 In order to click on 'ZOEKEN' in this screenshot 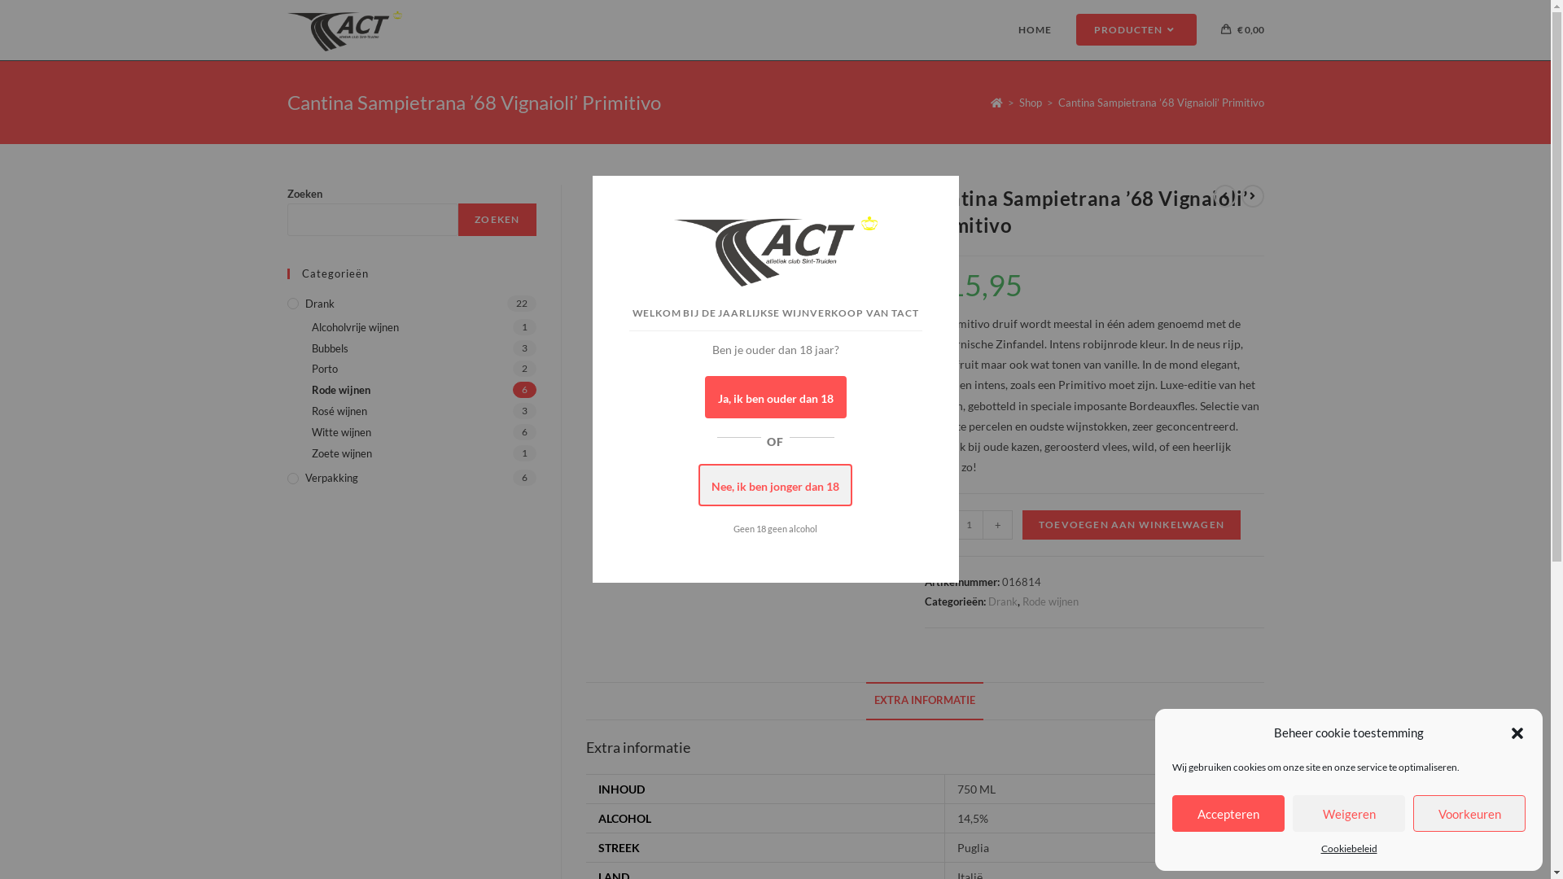, I will do `click(496, 220)`.